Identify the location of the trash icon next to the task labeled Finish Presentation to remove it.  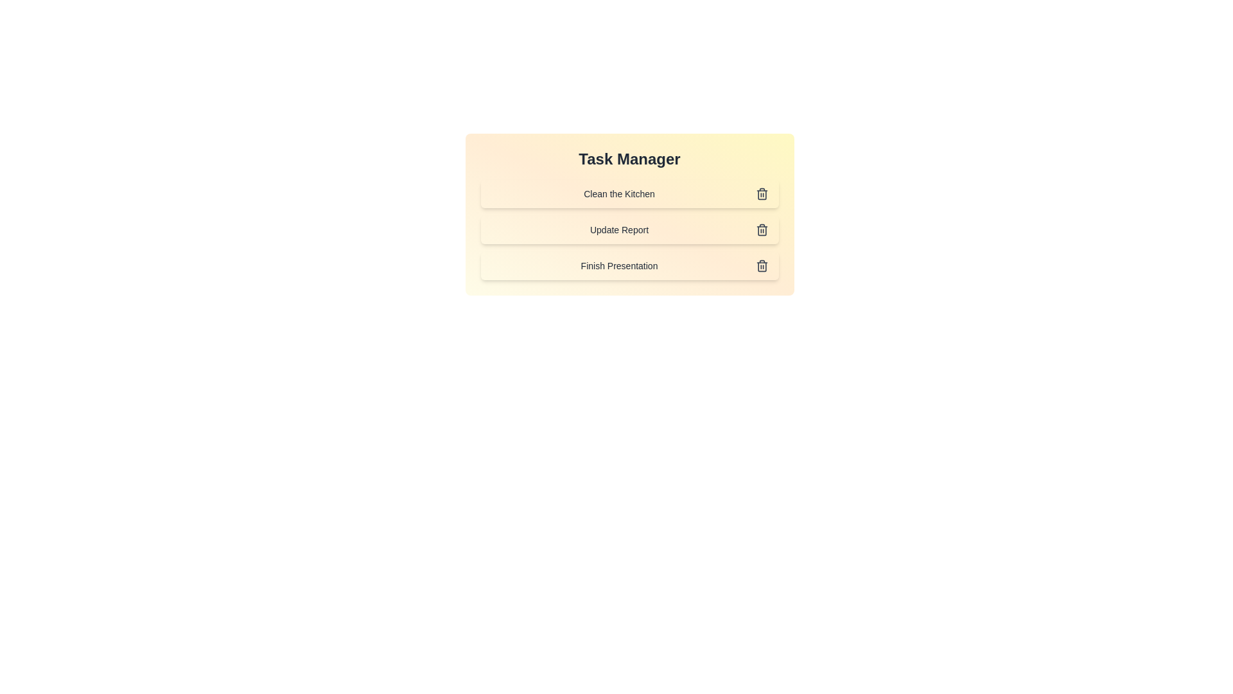
(762, 265).